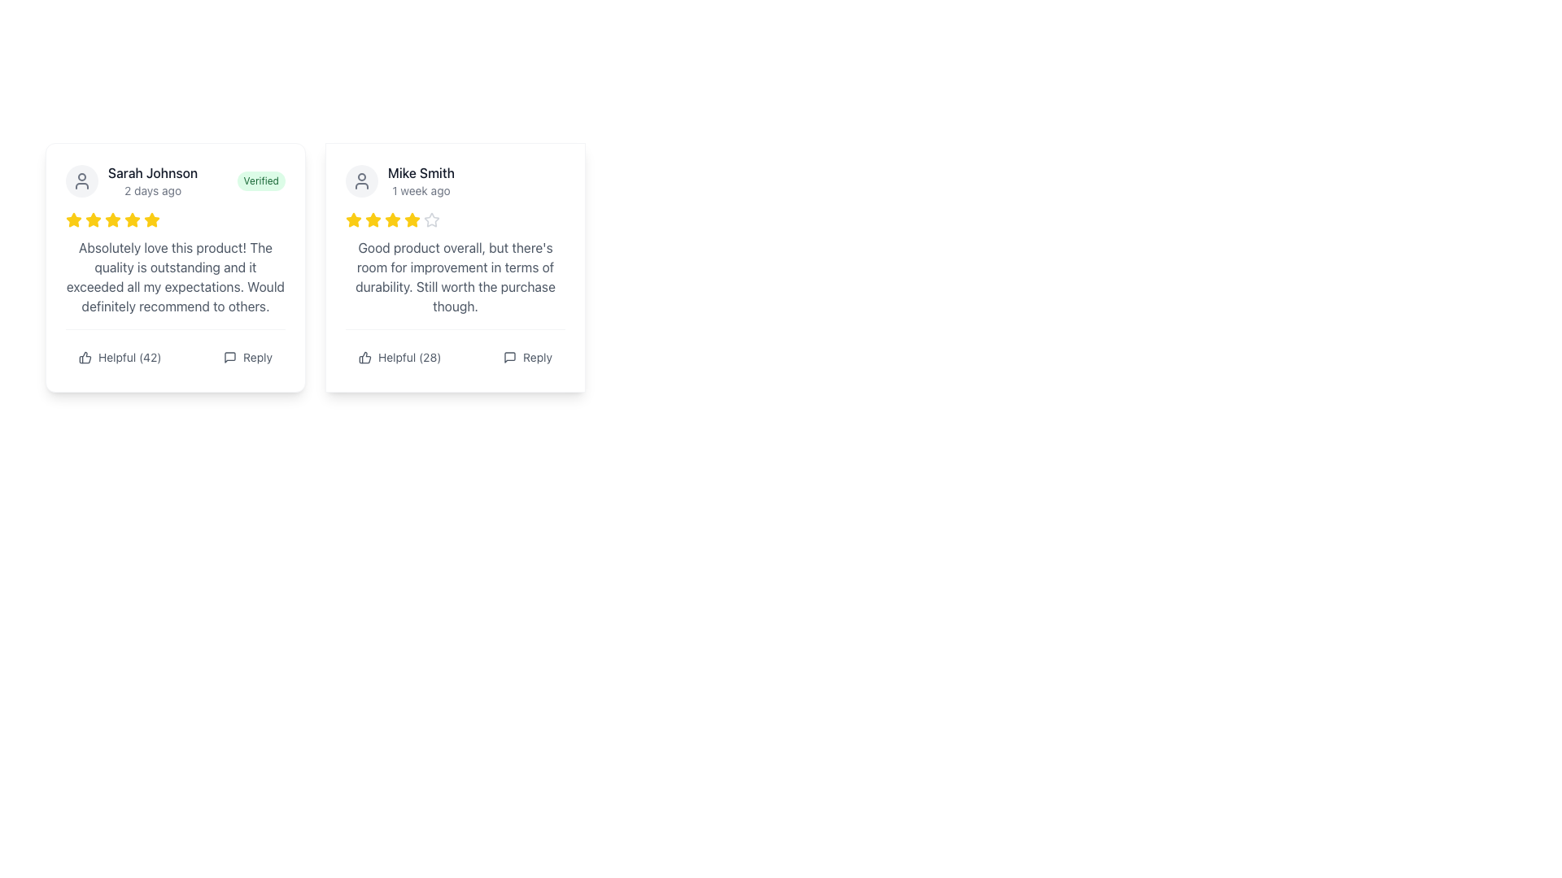  Describe the element at coordinates (73, 219) in the screenshot. I see `the third star icon in the five-star rating system located under the username 'Sarah Johnson'` at that location.